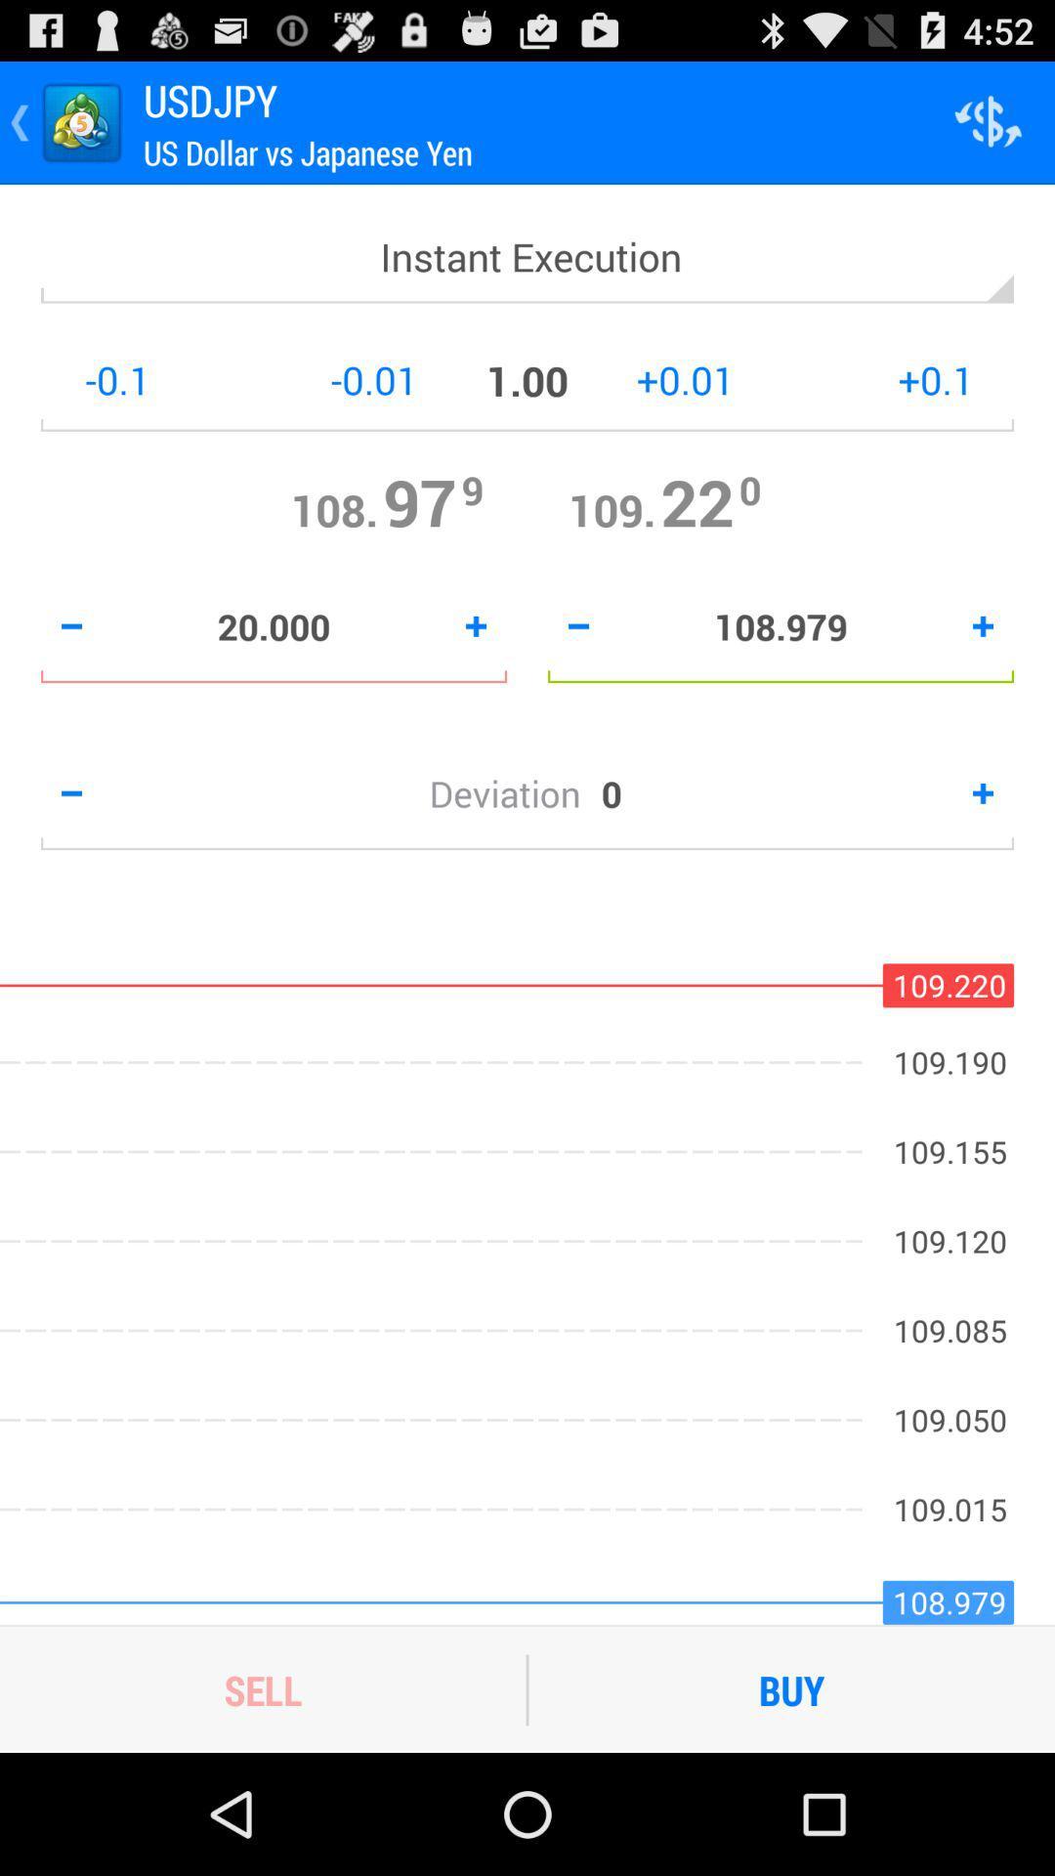 This screenshot has height=1876, width=1055. I want to click on instant execution, so click(527, 266).